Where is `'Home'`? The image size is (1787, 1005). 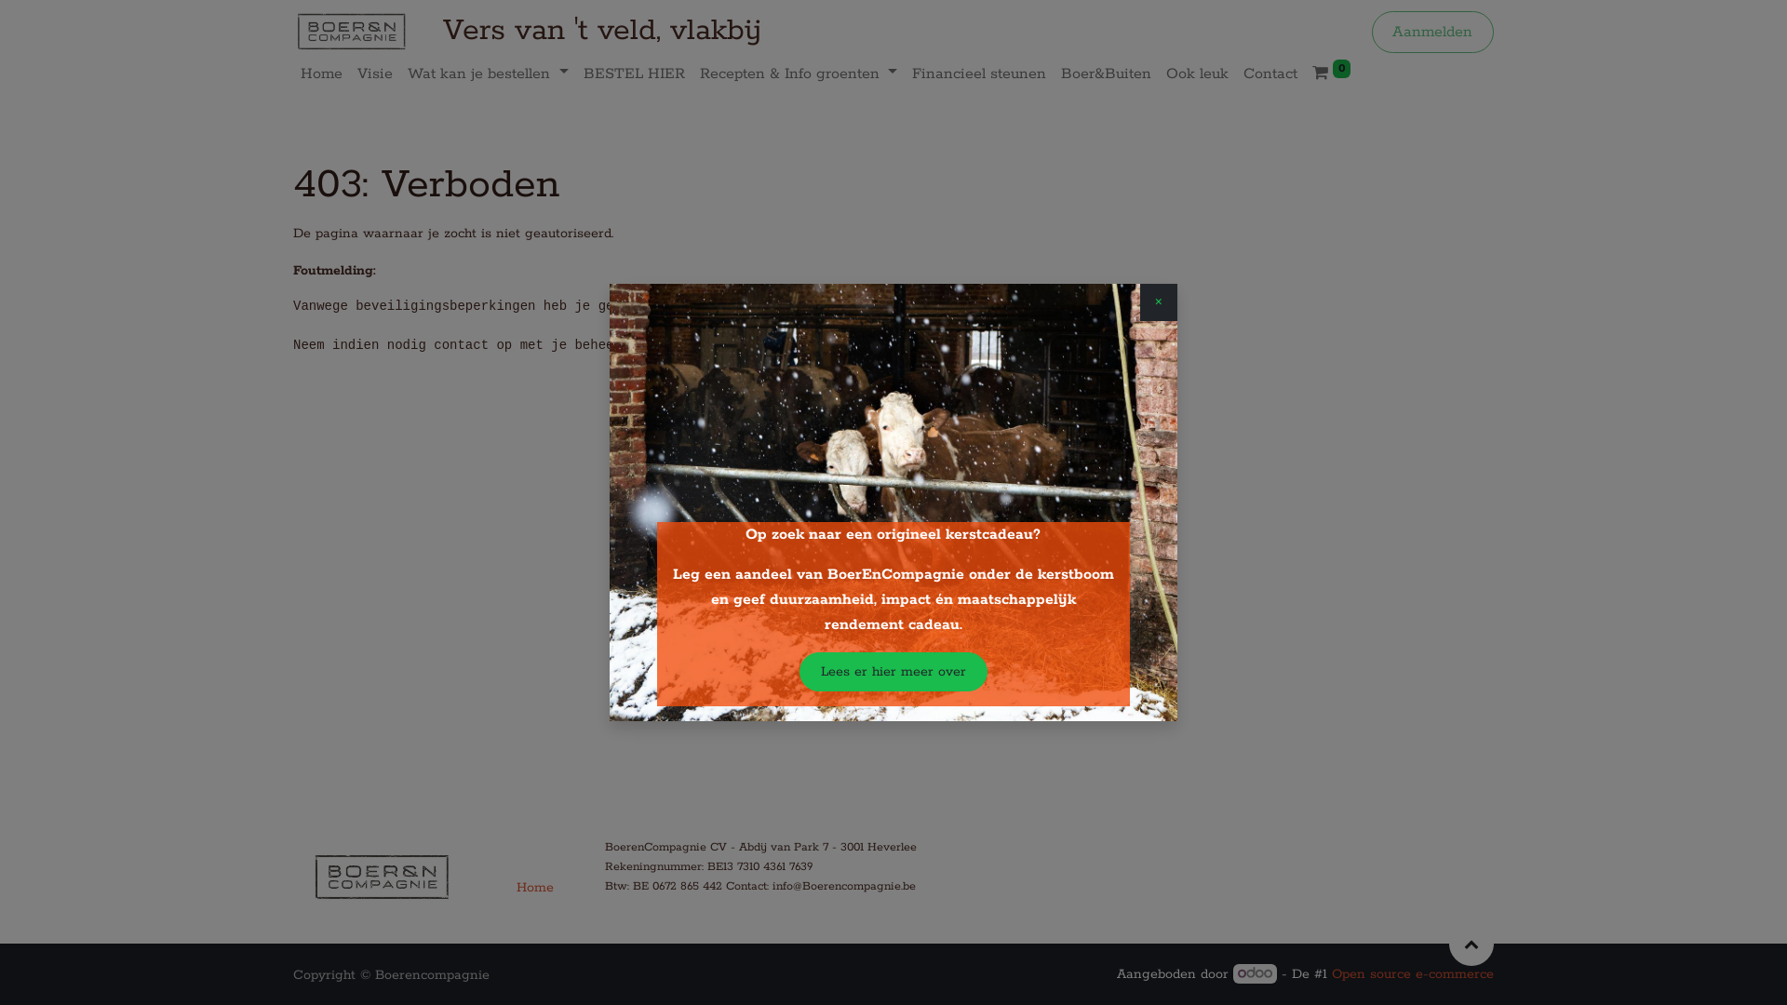
'Home' is located at coordinates (321, 73).